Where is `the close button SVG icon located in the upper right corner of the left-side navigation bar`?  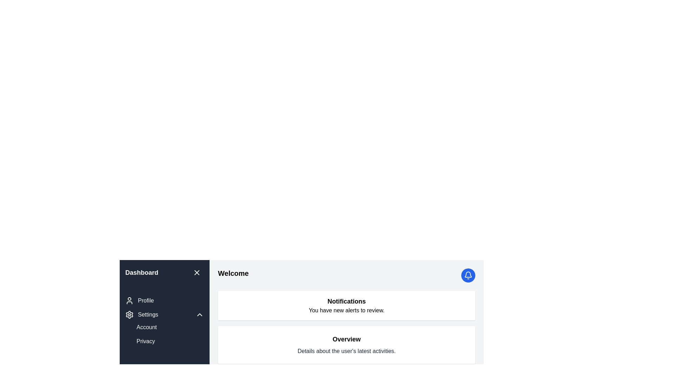
the close button SVG icon located in the upper right corner of the left-side navigation bar is located at coordinates (197, 272).